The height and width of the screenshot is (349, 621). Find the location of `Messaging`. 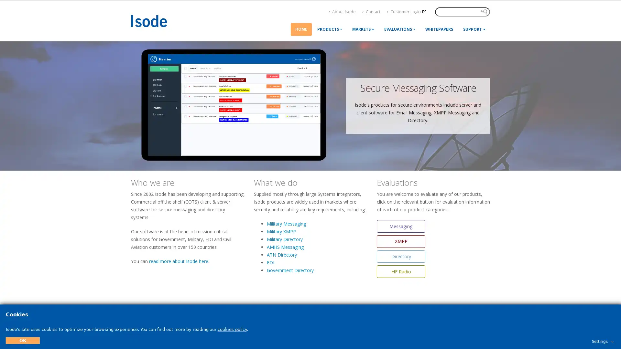

Messaging is located at coordinates (400, 226).